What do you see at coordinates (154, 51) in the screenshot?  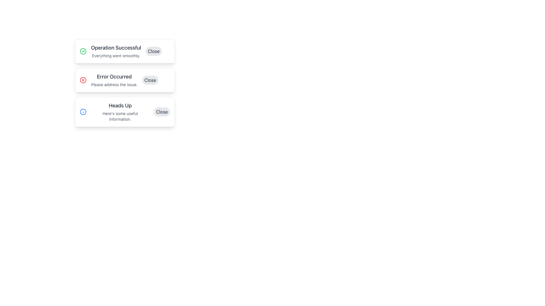 I see `the 'Close' button with a gray background in the notification card titled 'Operation Successful' to trigger the background color change` at bounding box center [154, 51].